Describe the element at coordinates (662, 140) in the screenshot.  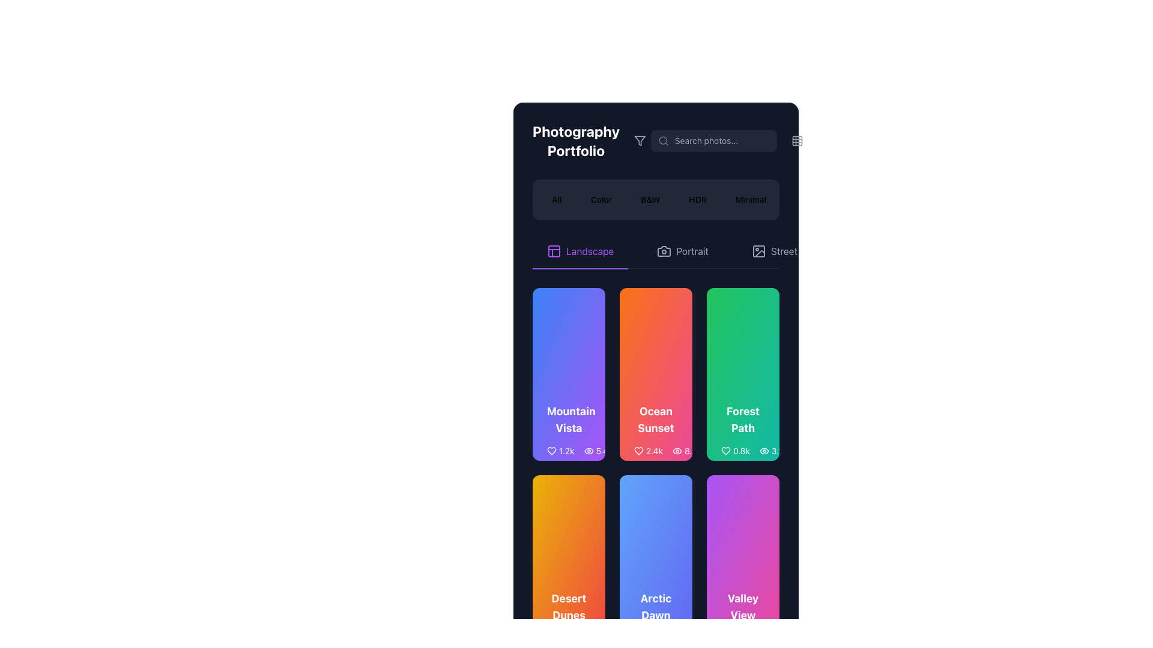
I see `the circular search icon resembling a magnifying glass located at the top-right corner of the page, adjacent to the search bar with the placeholder text 'Search Photos' to initiate a search action or focus on the search bar` at that location.